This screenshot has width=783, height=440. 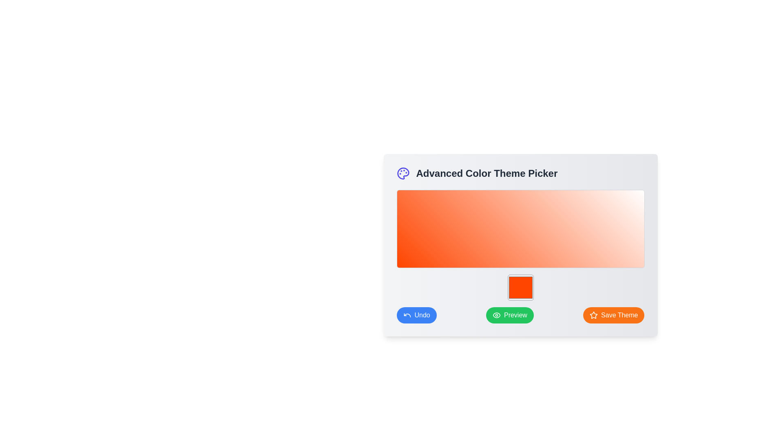 What do you see at coordinates (520, 315) in the screenshot?
I see `the theme preview button, located between the blue 'Undo' button and the orange 'Save Theme' button` at bounding box center [520, 315].